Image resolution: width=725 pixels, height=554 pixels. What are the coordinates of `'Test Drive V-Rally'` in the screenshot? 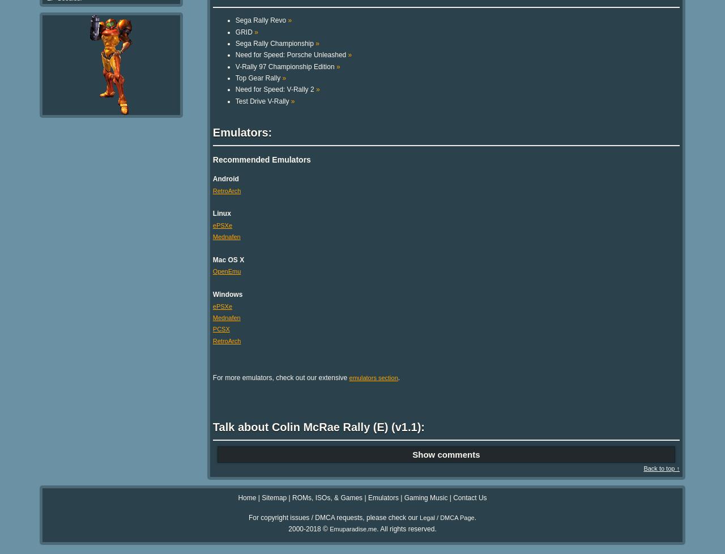 It's located at (262, 100).